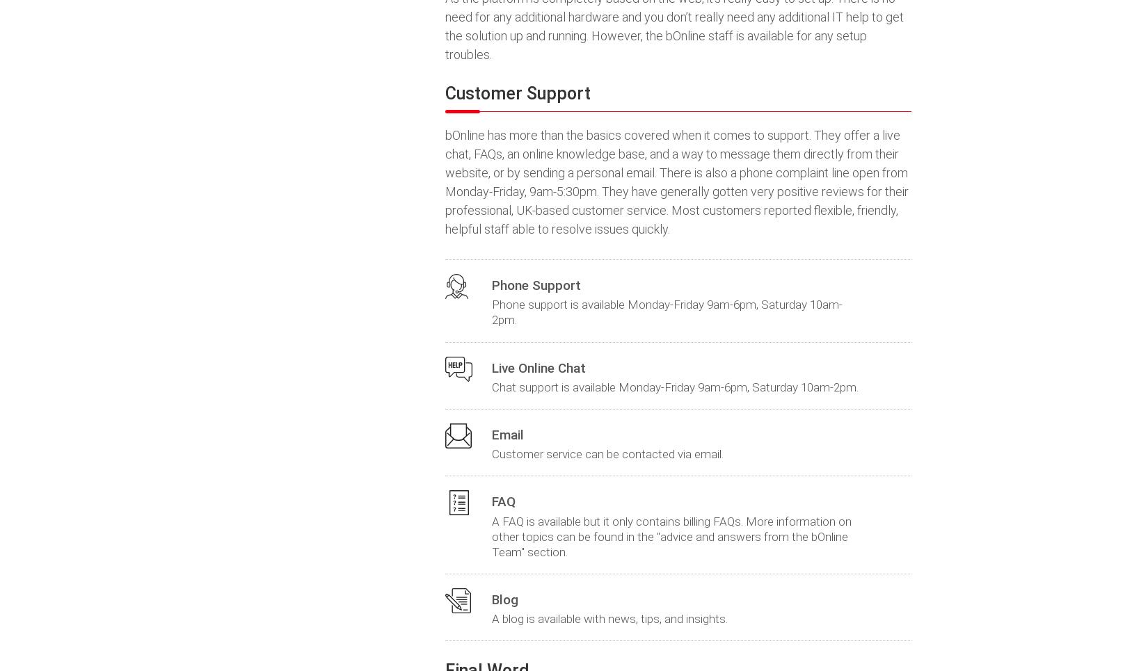 The height and width of the screenshot is (671, 1148). Describe the element at coordinates (538, 366) in the screenshot. I see `'Live Online Chat'` at that location.